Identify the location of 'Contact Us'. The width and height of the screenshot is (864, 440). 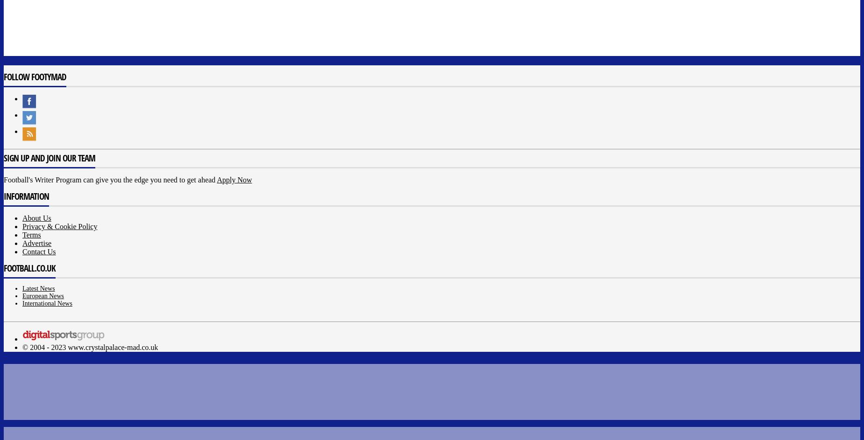
(38, 251).